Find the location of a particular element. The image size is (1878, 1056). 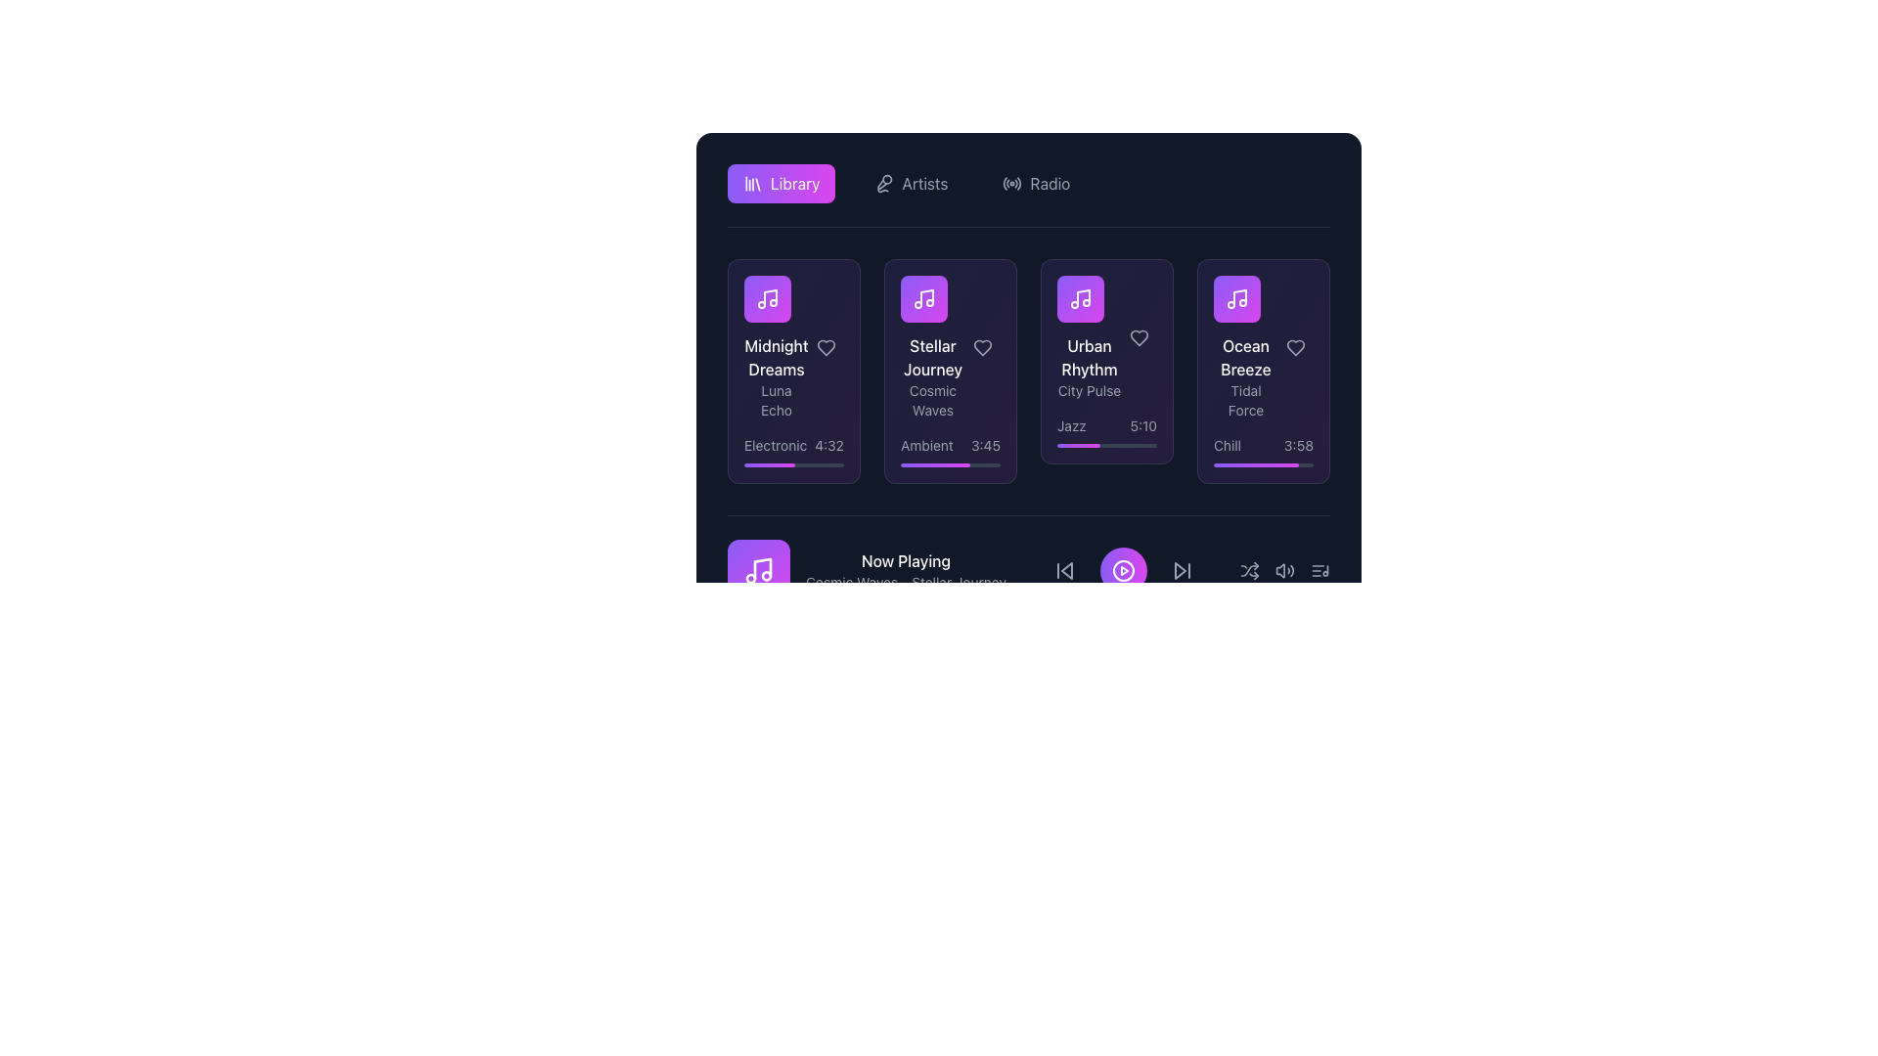

the shuffle icon located in the bottom-right corner of the application interface, which represents a musical playback or randomization feature is located at coordinates (1248, 570).